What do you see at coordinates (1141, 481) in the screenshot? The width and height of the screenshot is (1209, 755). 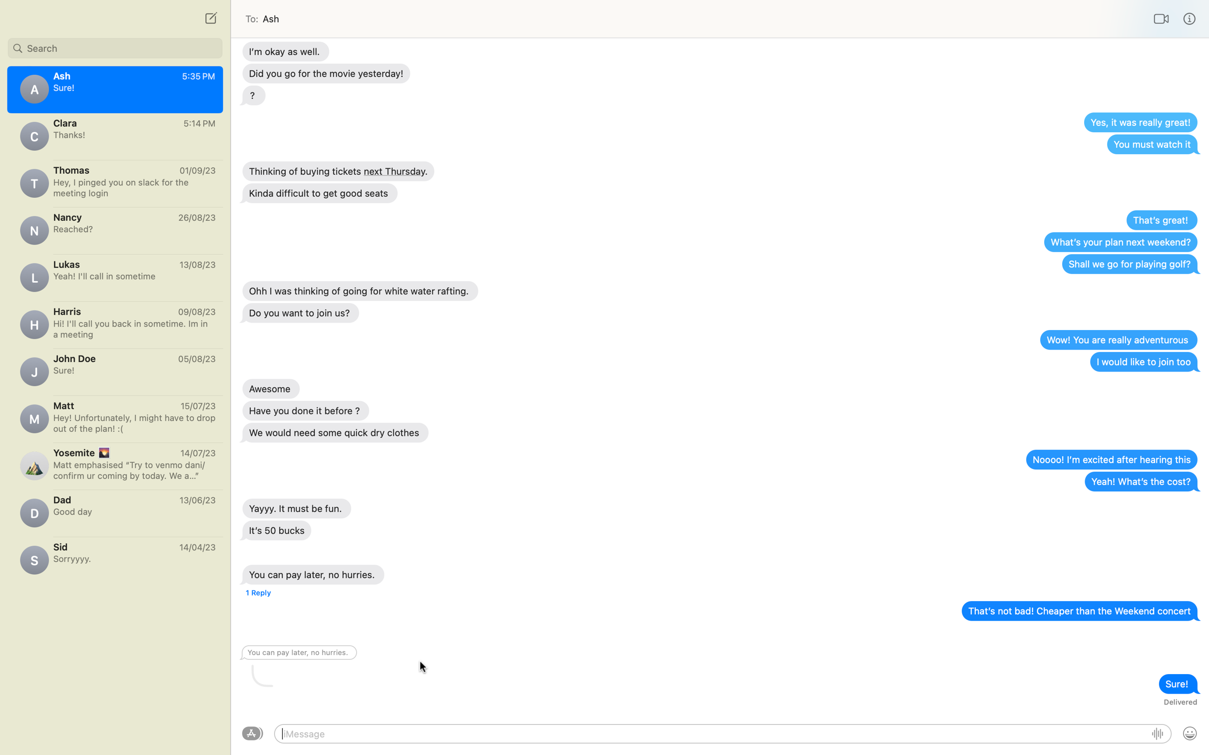 I see `more options for the text string "Yeah, what"s the cost?" with a right-click` at bounding box center [1141, 481].